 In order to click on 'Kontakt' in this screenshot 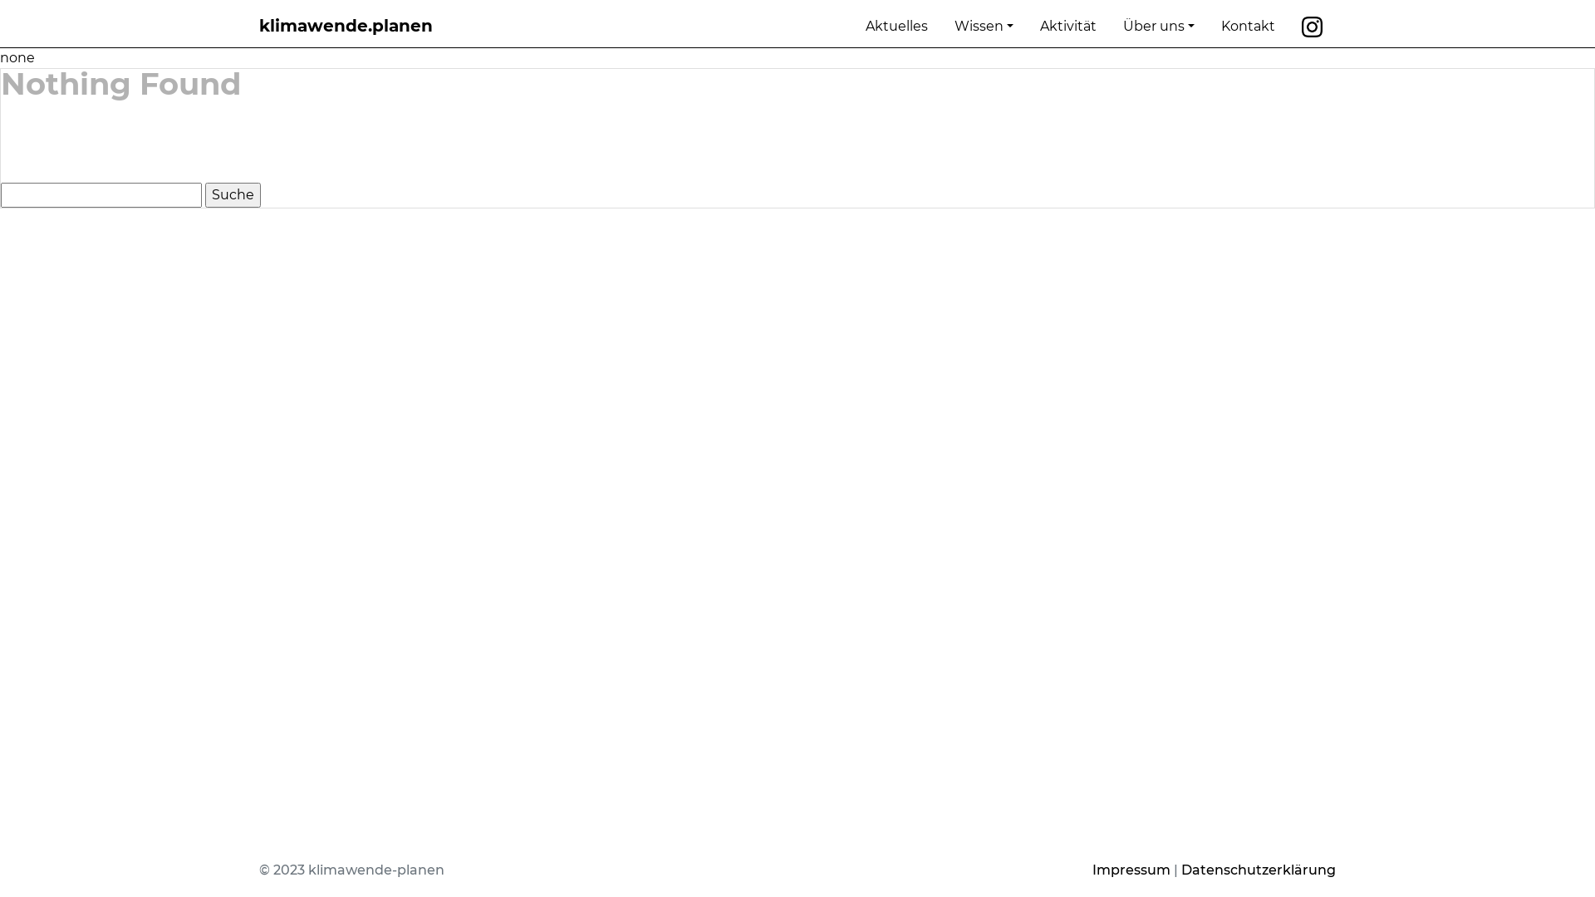, I will do `click(1248, 26)`.